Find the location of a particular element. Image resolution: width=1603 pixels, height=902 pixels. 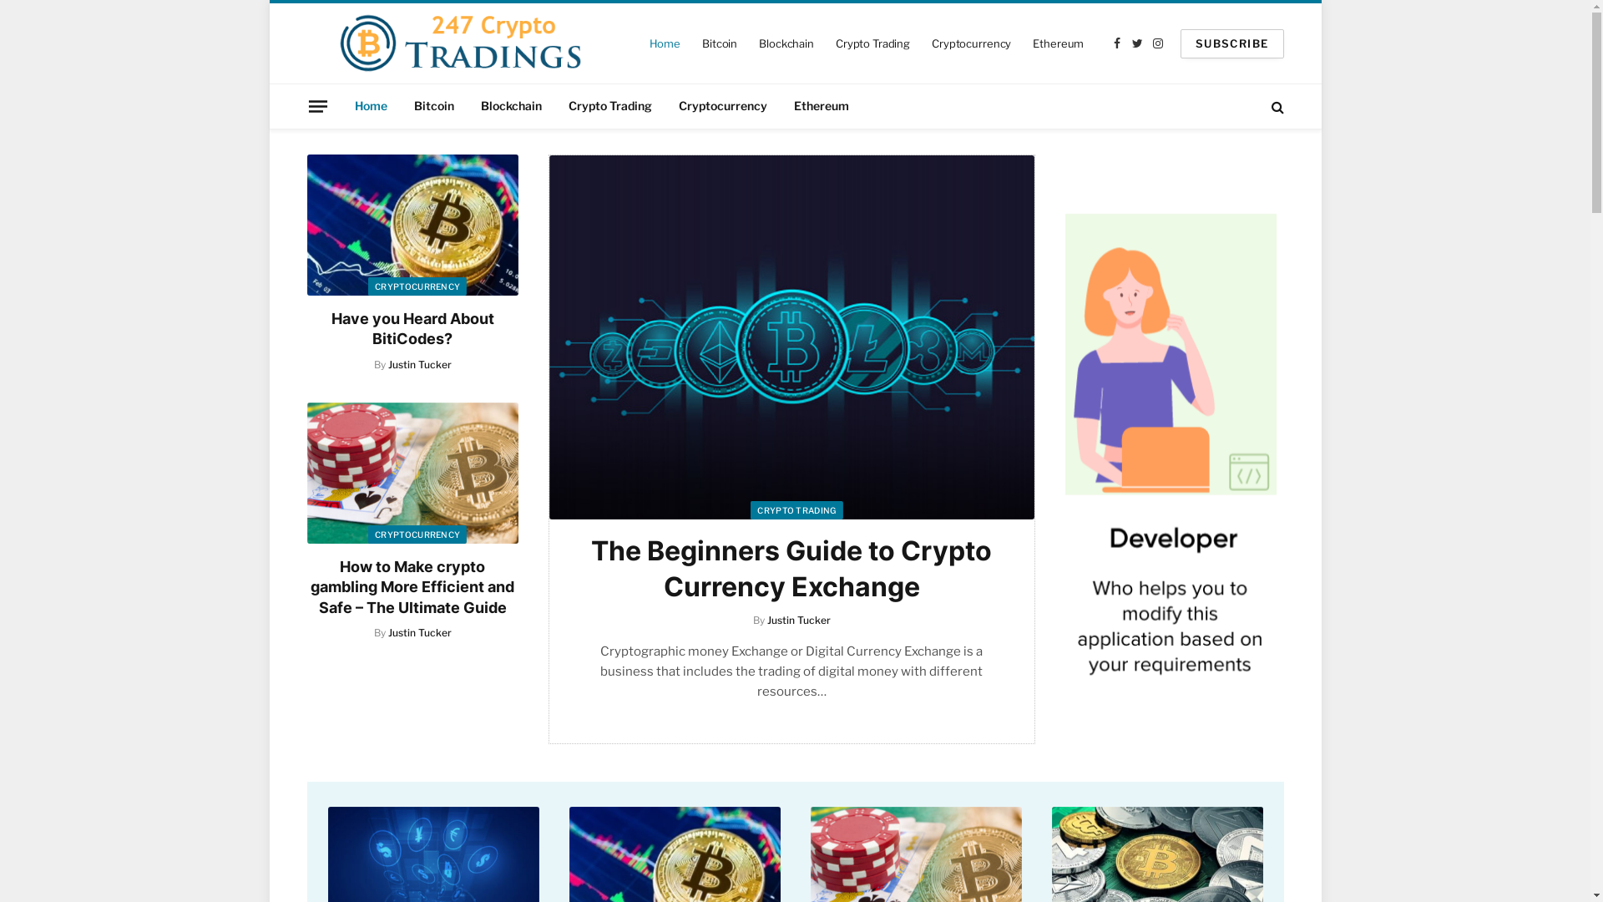

'Home' is located at coordinates (369, 106).